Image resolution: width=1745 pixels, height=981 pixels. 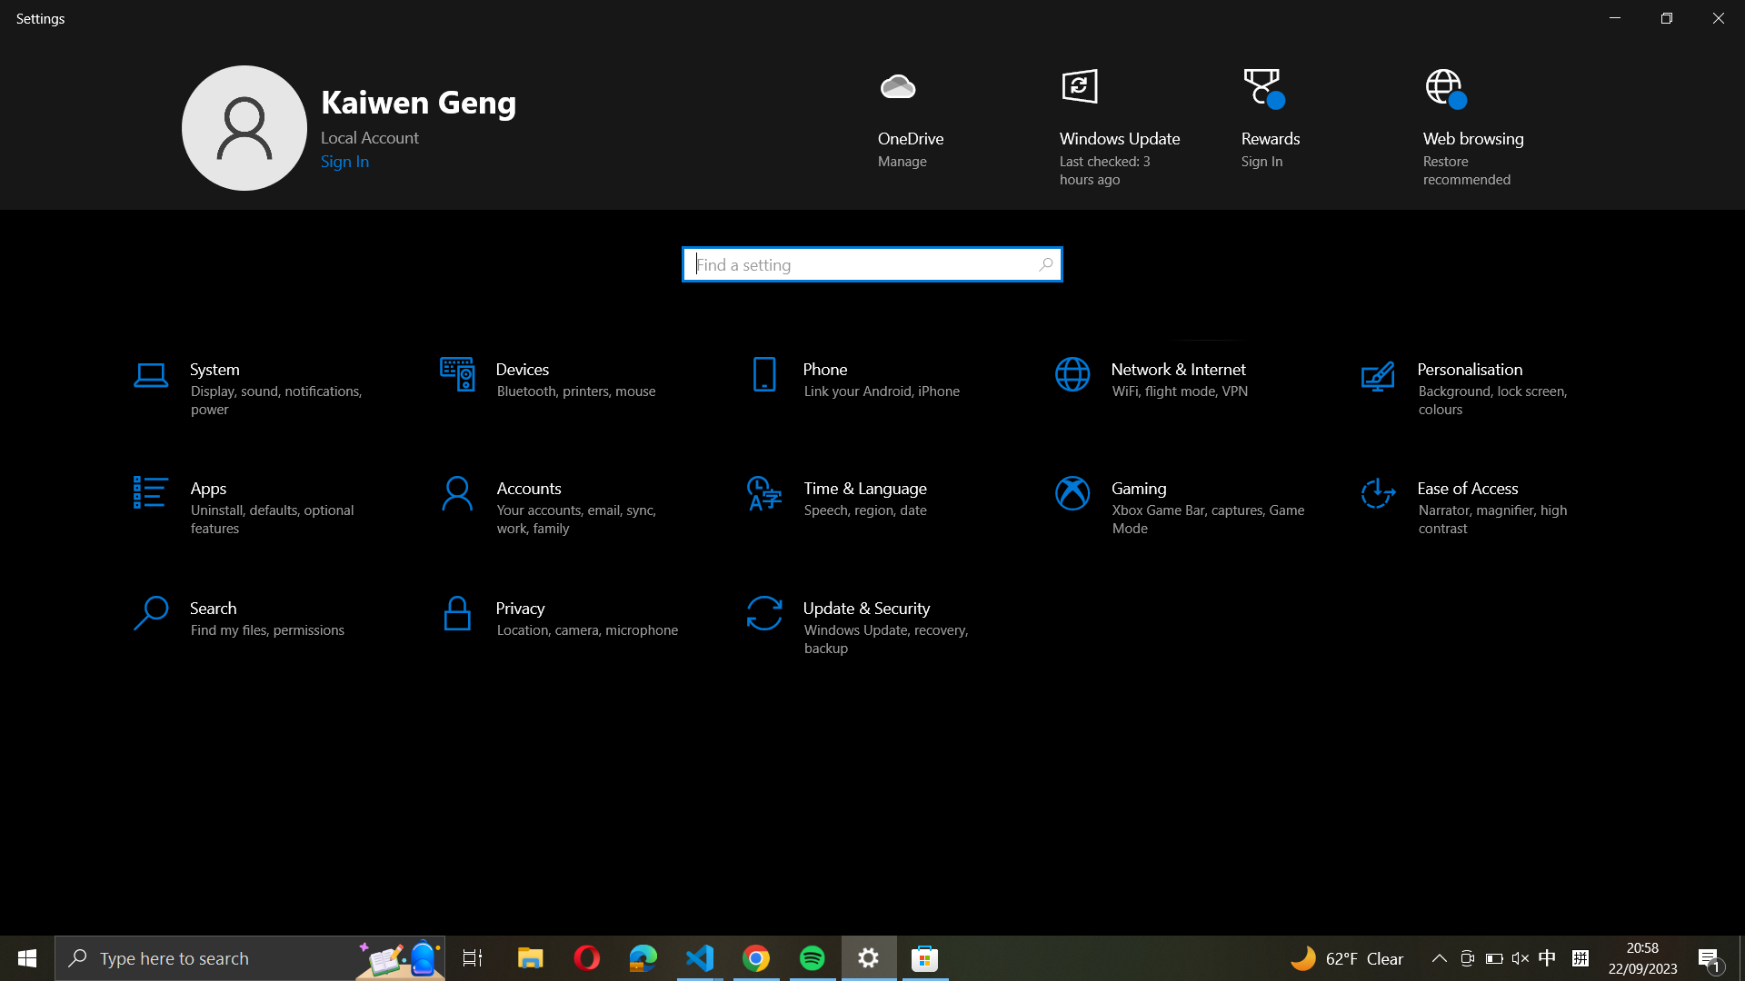 I want to click on Use the search bar to find the setting "Lock screen settings, so click(x=871, y=263).